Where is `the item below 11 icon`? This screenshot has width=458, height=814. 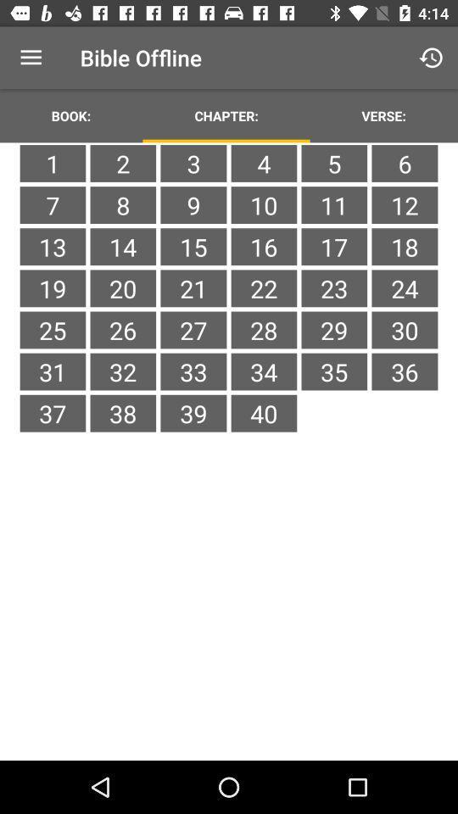 the item below 11 icon is located at coordinates (404, 246).